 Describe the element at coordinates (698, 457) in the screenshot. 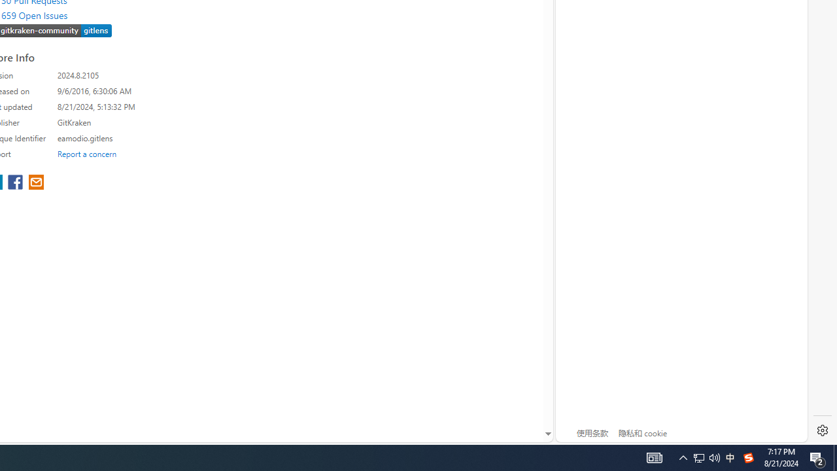

I see `'Tray Input Indicator - Chinese (Simplified, China)'` at that location.